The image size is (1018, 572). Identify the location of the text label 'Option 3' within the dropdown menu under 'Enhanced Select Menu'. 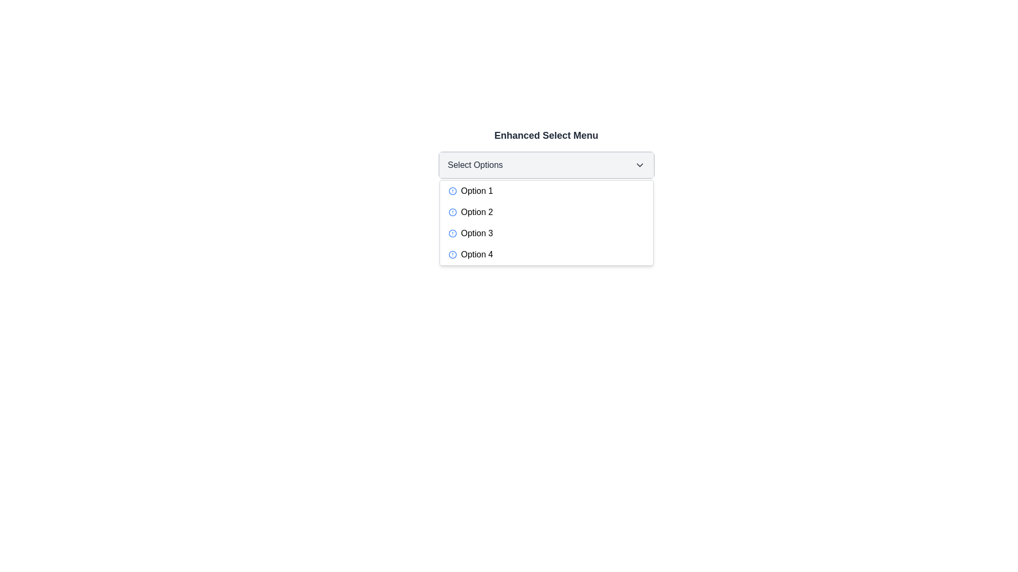
(476, 233).